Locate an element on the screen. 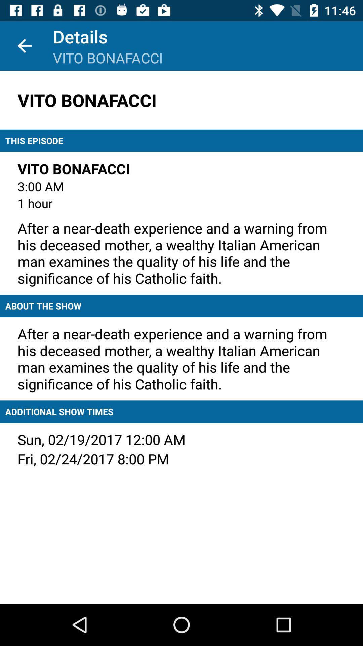  item next to details icon is located at coordinates (24, 45).